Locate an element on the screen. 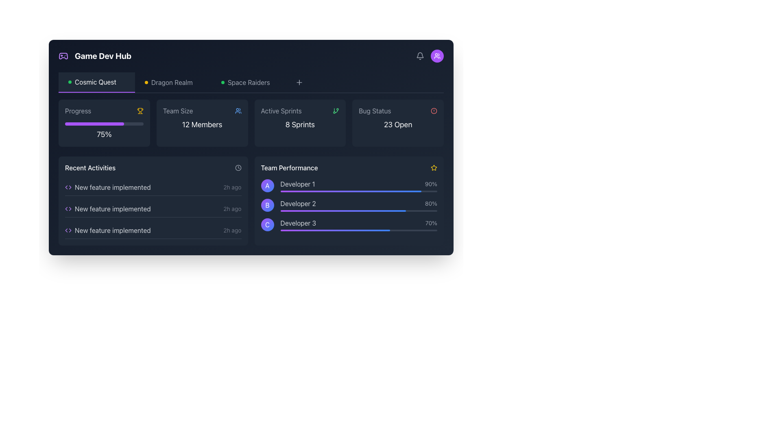  the star-shaped icon with a yellow border located in the bottom-right section near the 'Team Performance' area for performance evaluation is located at coordinates (433, 167).